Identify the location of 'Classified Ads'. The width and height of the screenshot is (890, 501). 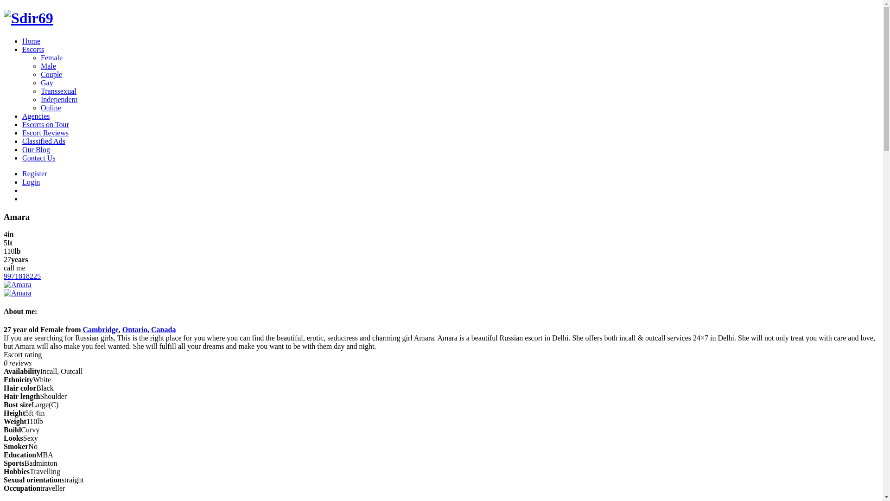
(22, 141).